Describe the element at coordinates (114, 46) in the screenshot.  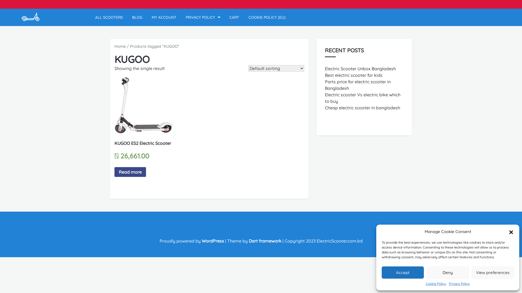
I see `'Home'` at that location.